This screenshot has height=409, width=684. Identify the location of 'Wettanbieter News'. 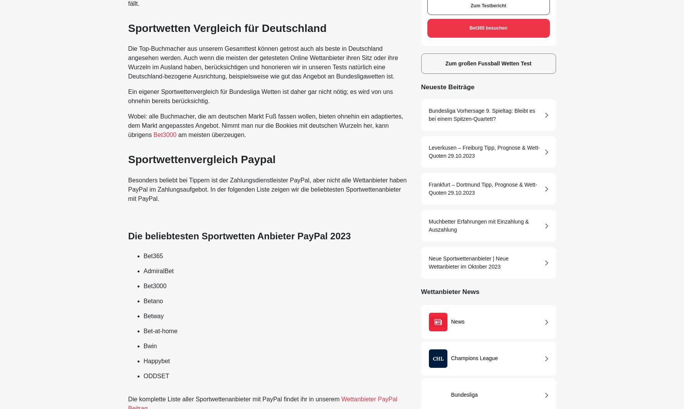
(449, 291).